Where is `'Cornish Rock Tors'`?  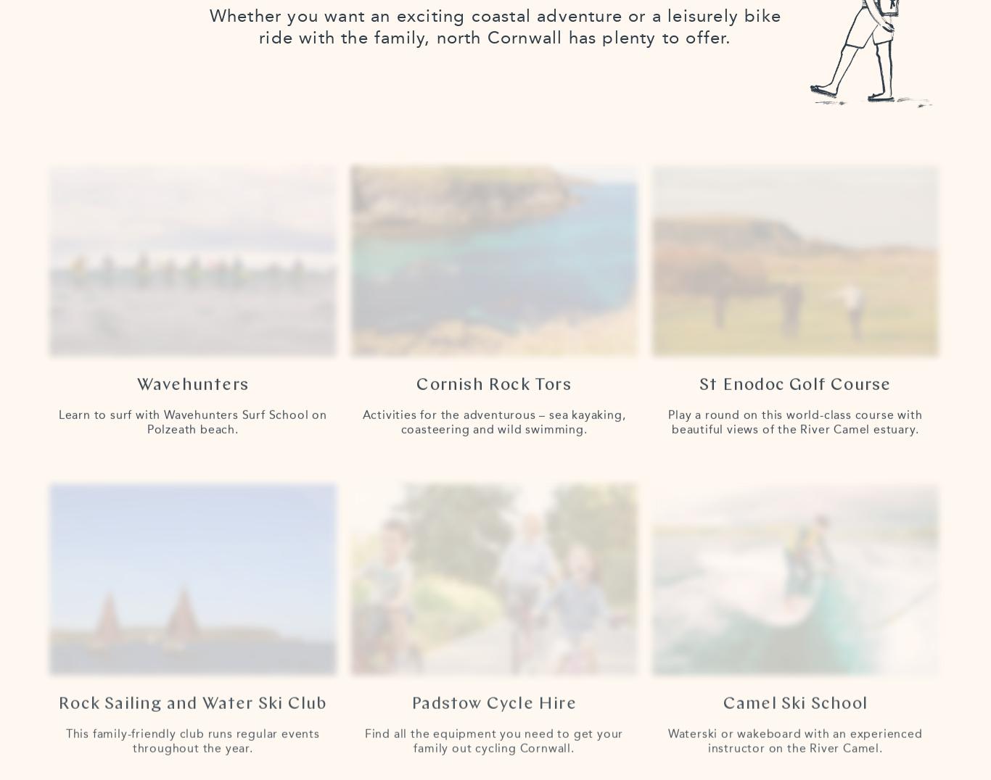
'Cornish Rock Tors' is located at coordinates (493, 382).